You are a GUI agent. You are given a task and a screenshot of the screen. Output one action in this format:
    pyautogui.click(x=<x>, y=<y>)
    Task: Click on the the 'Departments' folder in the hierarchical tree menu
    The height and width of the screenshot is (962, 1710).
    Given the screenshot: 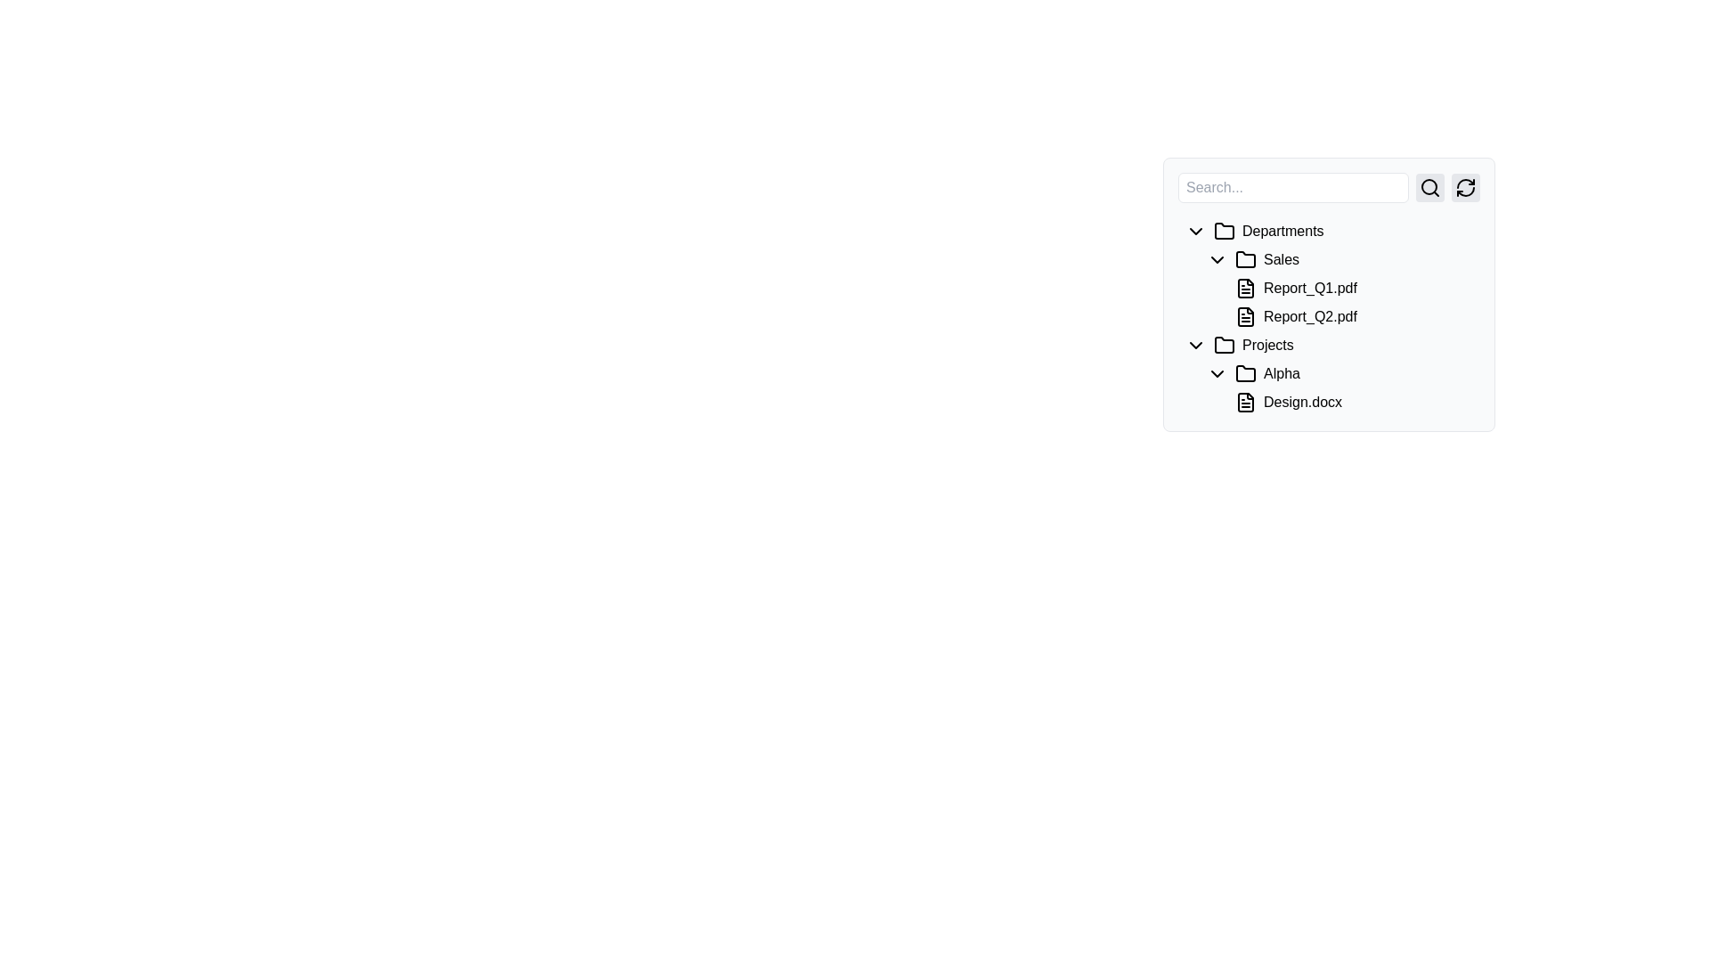 What is the action you would take?
    pyautogui.click(x=1329, y=230)
    